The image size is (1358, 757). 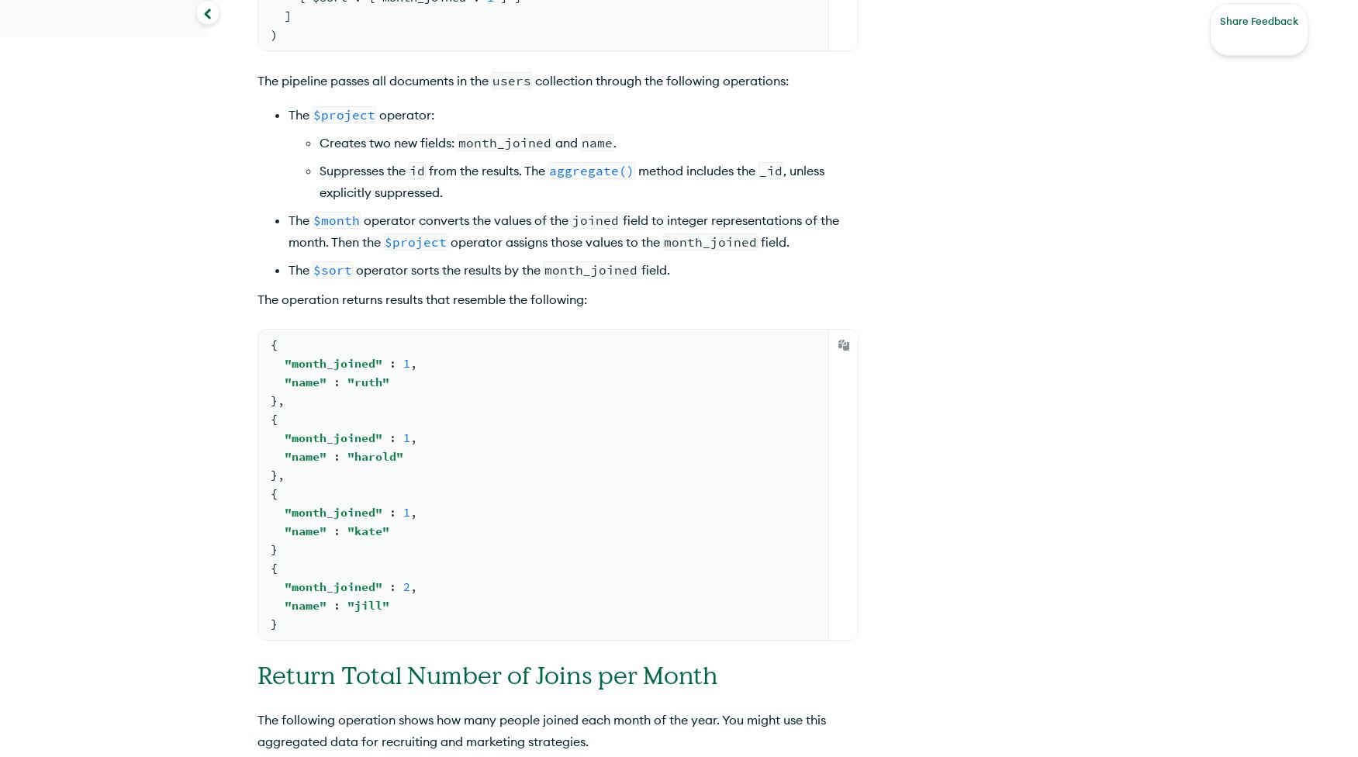 I want to click on 'from the results. The', so click(x=486, y=169).